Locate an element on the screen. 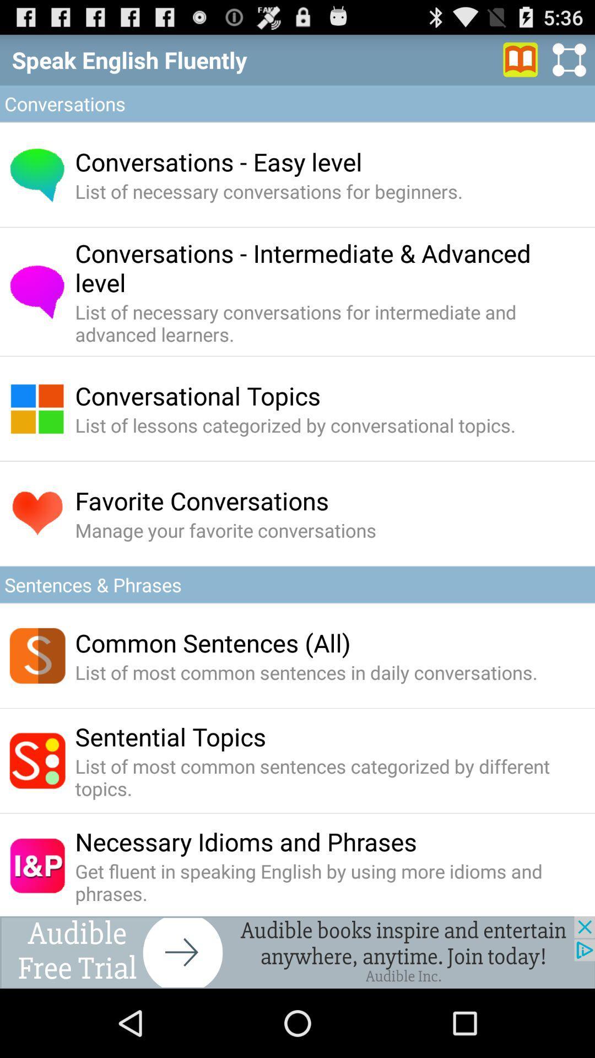 Image resolution: width=595 pixels, height=1058 pixels. this page is located at coordinates (521, 59).